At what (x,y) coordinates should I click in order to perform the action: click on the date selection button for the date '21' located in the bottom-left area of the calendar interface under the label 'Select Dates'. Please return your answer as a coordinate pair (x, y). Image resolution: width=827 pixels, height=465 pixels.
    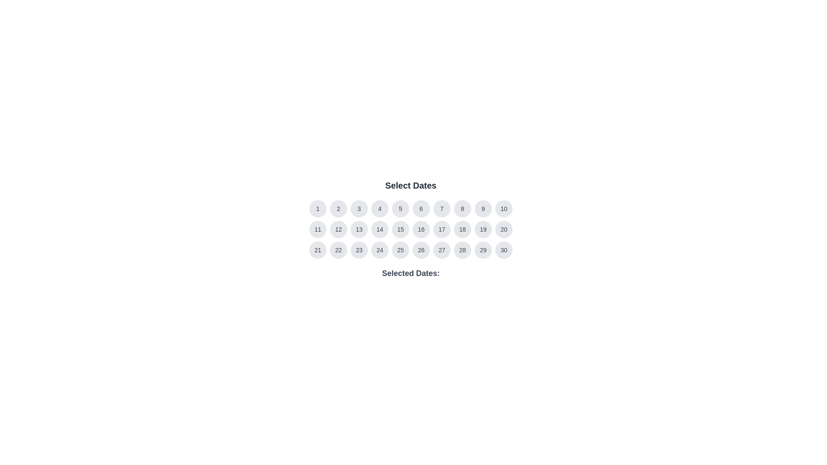
    Looking at the image, I should click on (317, 250).